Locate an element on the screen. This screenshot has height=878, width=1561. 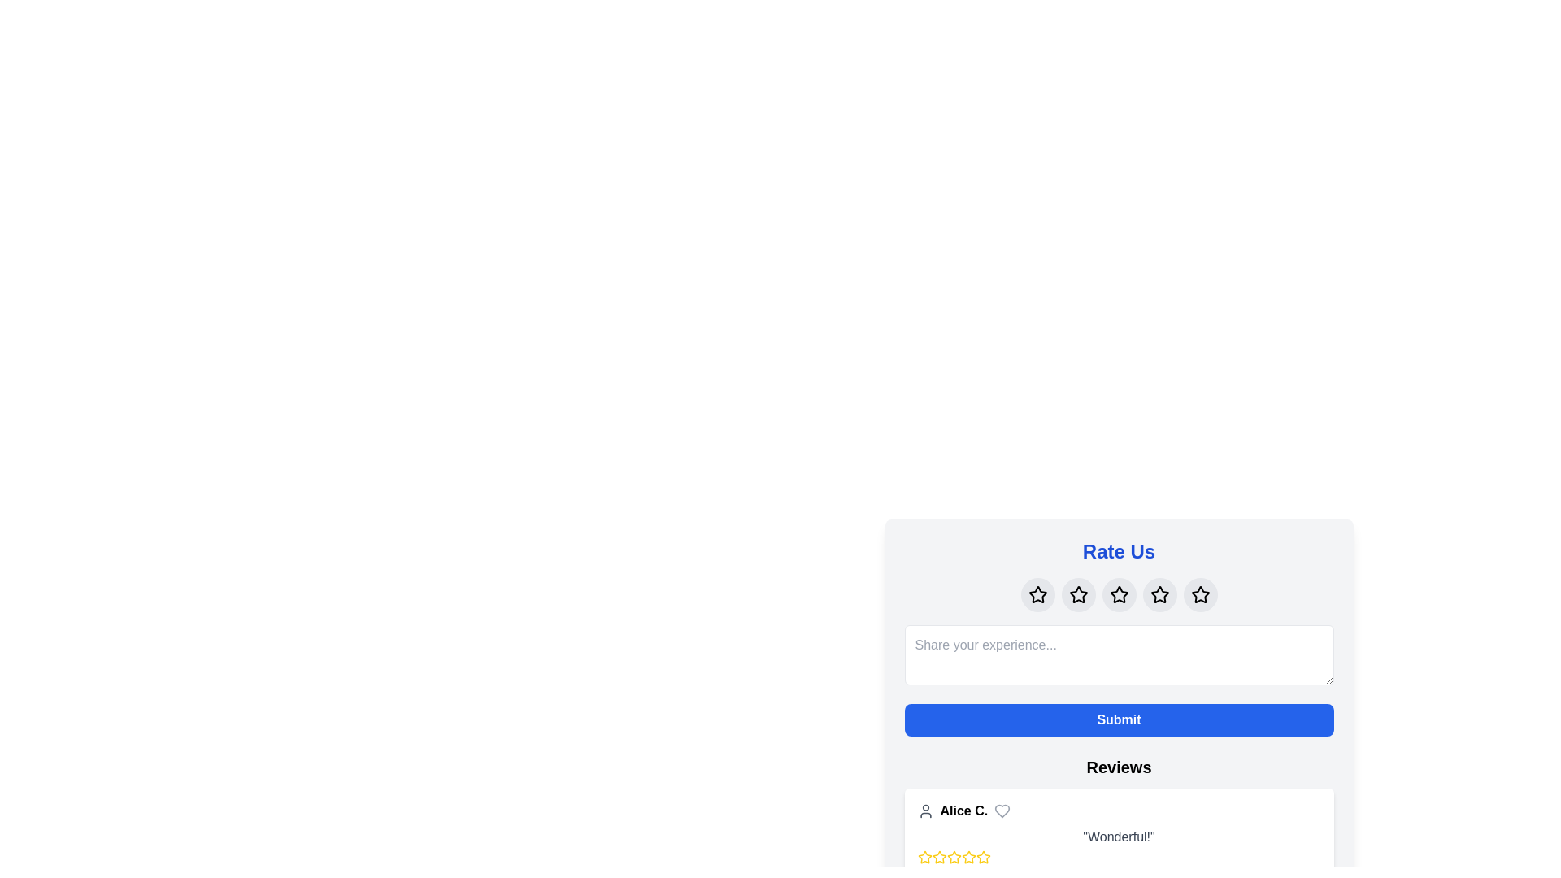
the third star icon in the rating system is located at coordinates (1118, 595).